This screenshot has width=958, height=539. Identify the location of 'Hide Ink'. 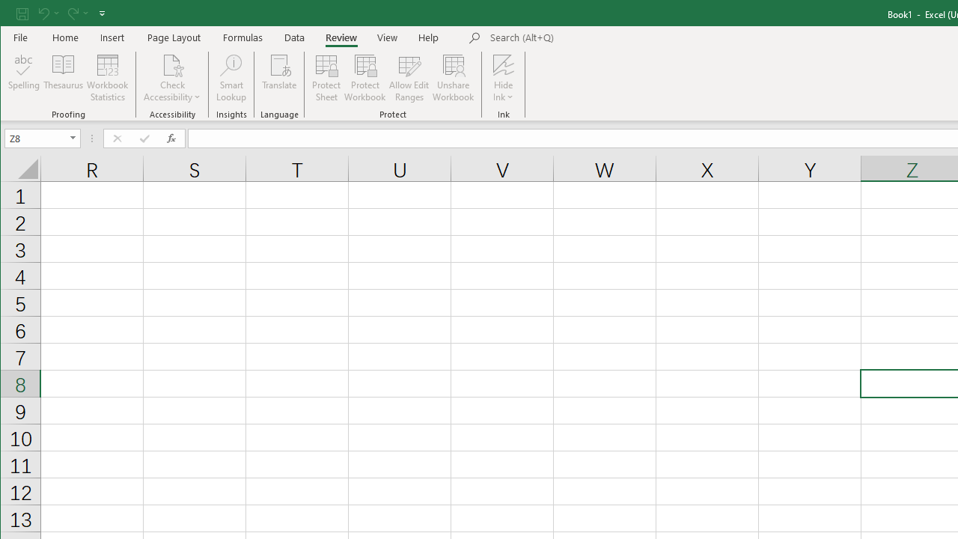
(503, 78).